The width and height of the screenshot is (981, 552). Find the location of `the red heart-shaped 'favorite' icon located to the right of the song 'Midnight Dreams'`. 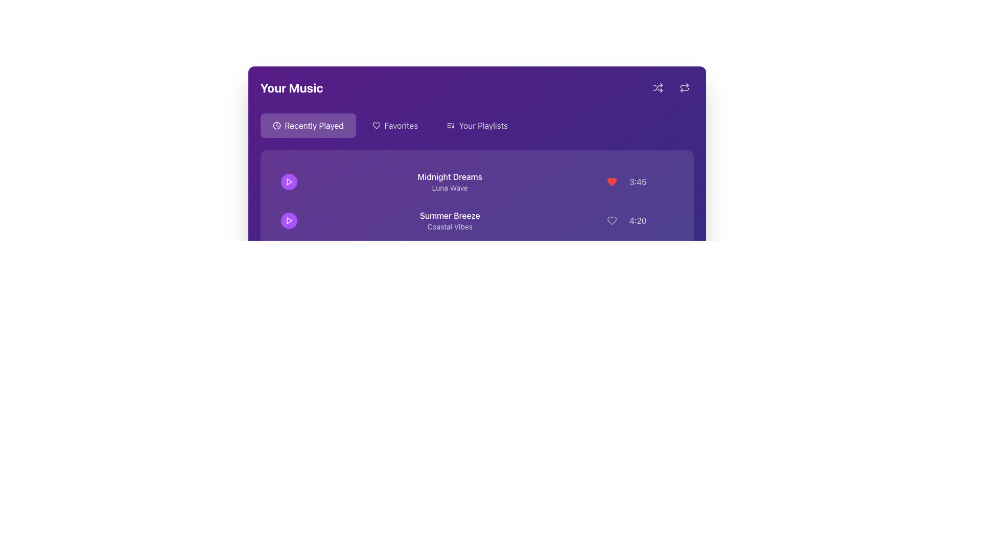

the red heart-shaped 'favorite' icon located to the right of the song 'Midnight Dreams' is located at coordinates (612, 181).